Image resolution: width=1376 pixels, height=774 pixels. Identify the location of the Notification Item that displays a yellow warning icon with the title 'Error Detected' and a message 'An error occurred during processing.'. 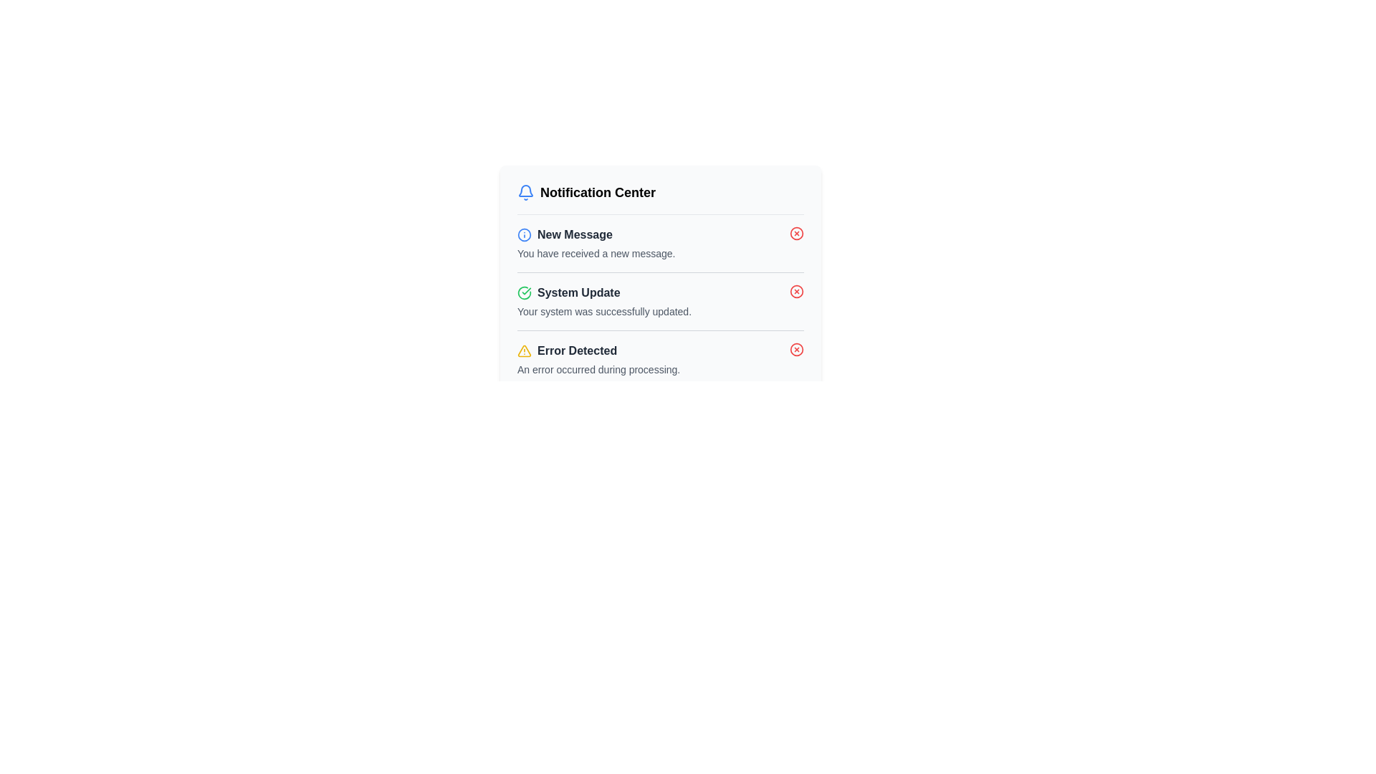
(598, 358).